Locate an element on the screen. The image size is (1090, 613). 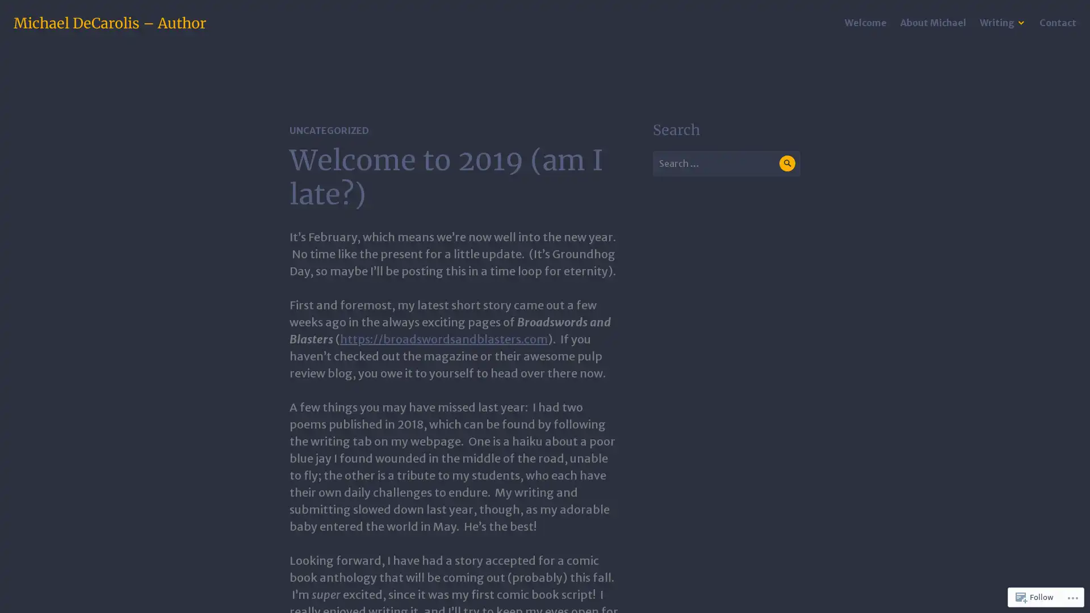
Search is located at coordinates (786, 163).